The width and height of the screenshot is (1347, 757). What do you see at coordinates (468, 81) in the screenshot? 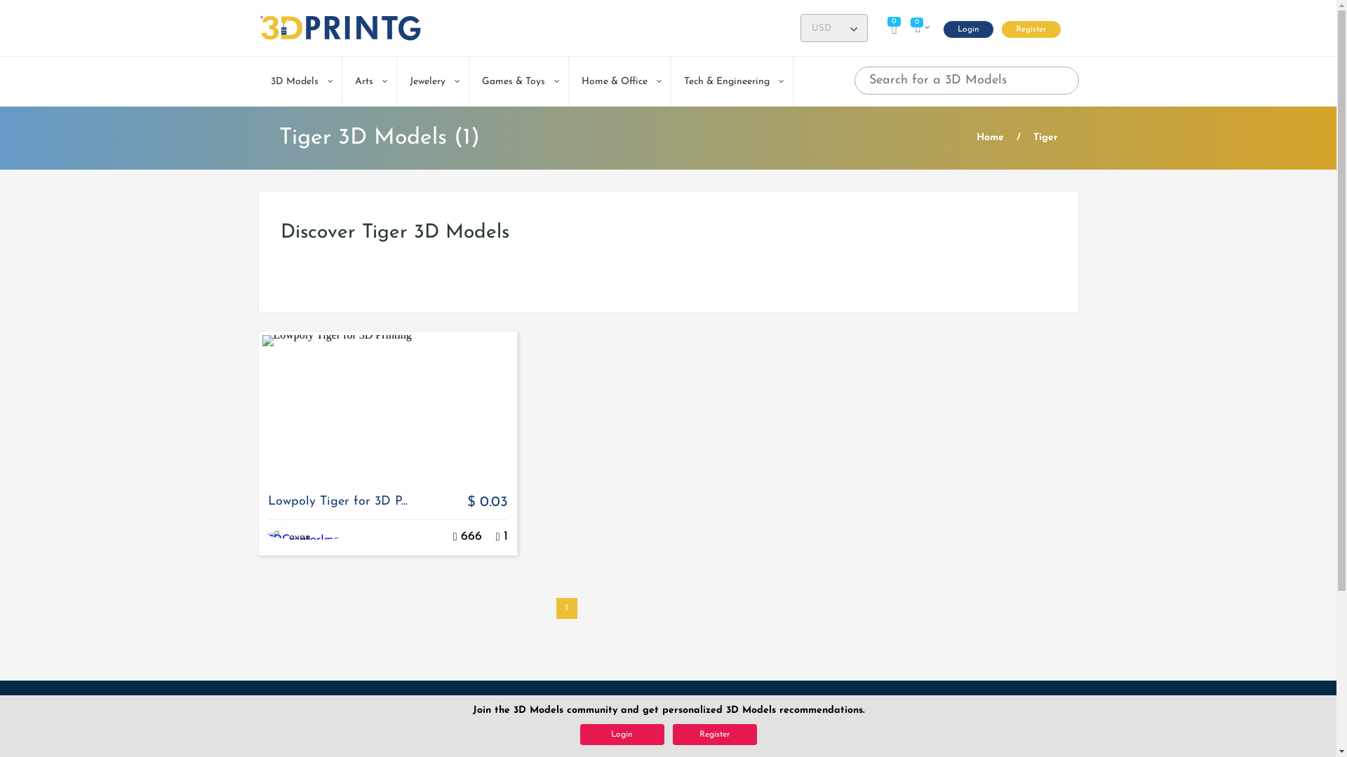
I see `'Games & Toys'` at bounding box center [468, 81].